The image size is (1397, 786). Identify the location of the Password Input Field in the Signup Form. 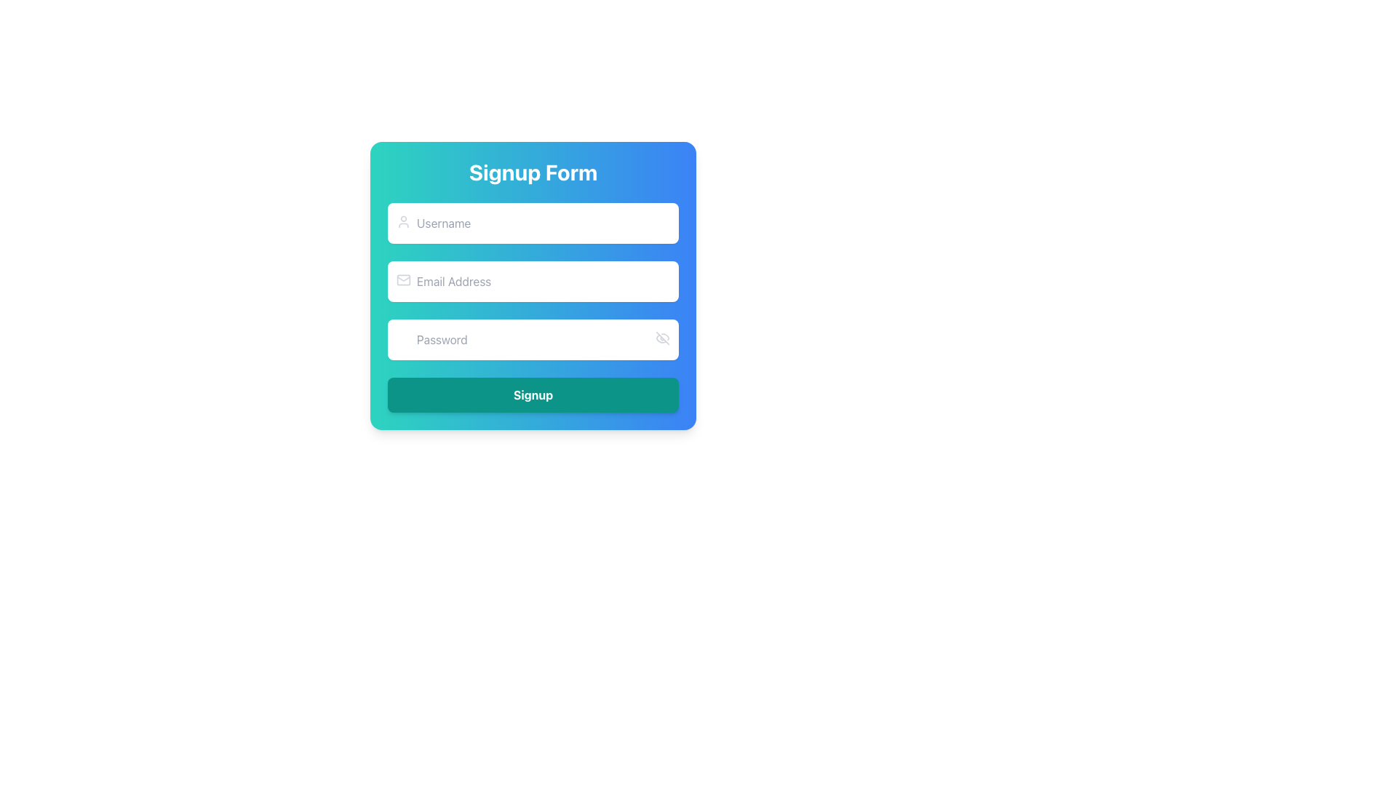
(533, 339).